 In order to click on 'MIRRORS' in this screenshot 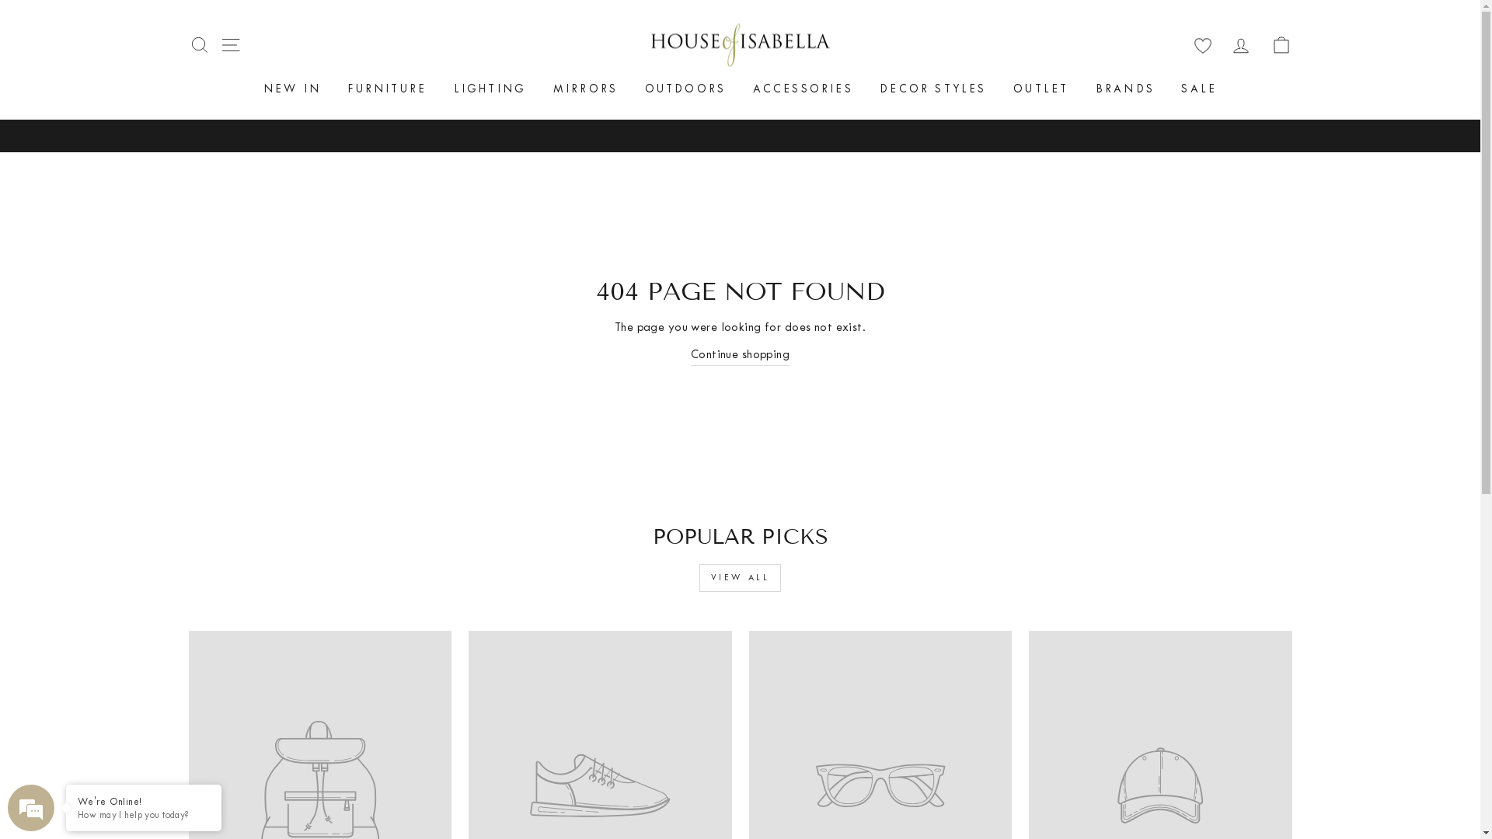, I will do `click(584, 89)`.